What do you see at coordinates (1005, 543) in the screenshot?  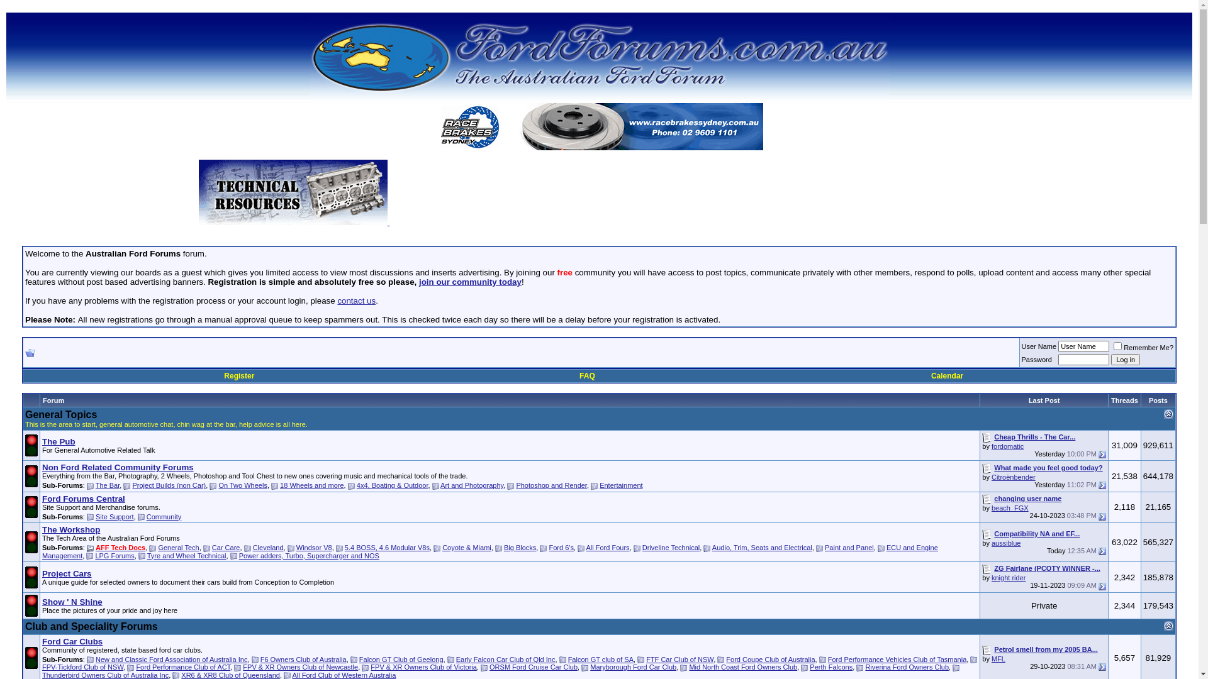 I see `'aussiblue'` at bounding box center [1005, 543].